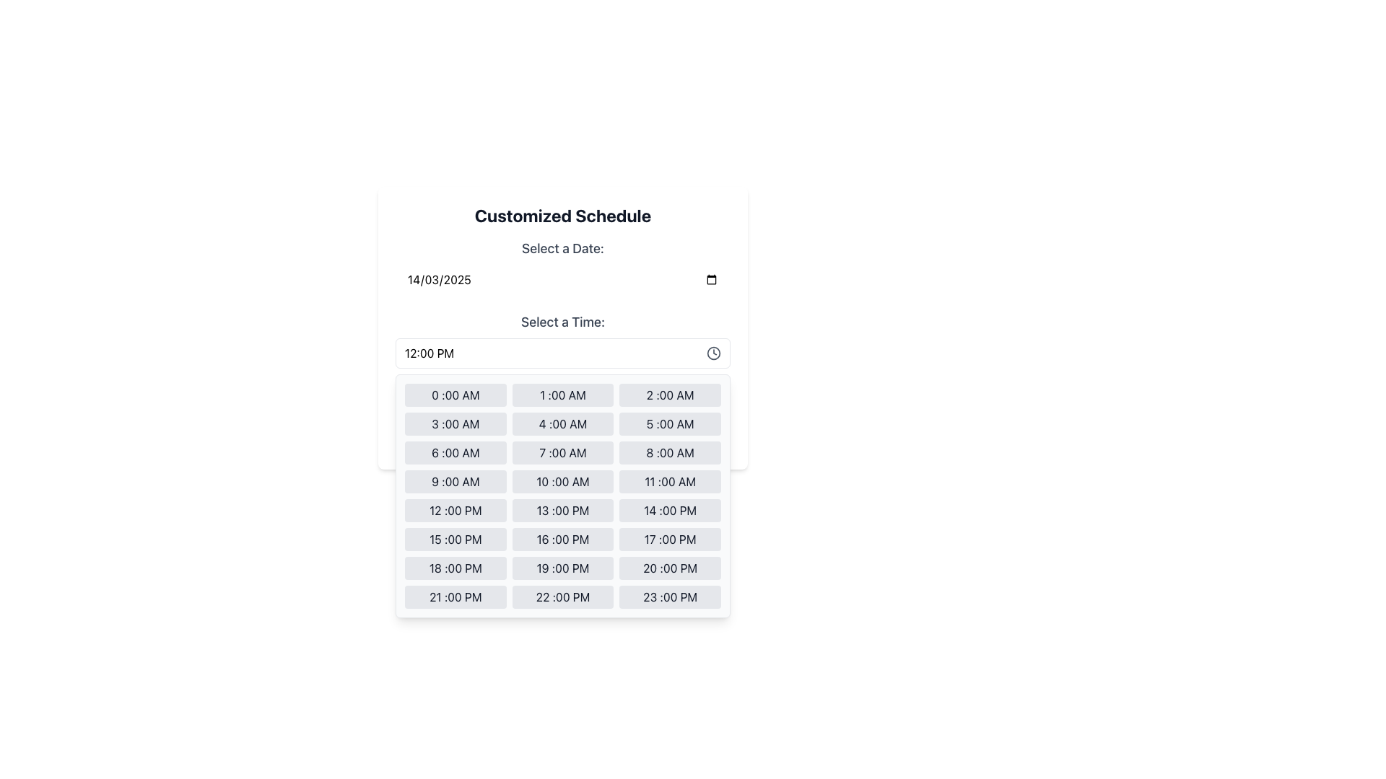 The height and width of the screenshot is (779, 1386). Describe the element at coordinates (455, 540) in the screenshot. I see `the rectangular button with rounded edges that has black text reading '15 :00 PM'` at that location.